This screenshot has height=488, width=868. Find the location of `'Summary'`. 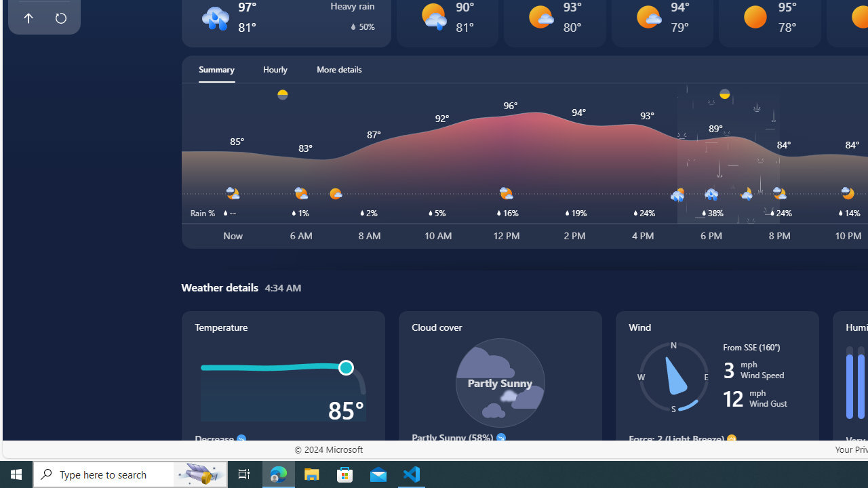

'Summary' is located at coordinates (216, 68).